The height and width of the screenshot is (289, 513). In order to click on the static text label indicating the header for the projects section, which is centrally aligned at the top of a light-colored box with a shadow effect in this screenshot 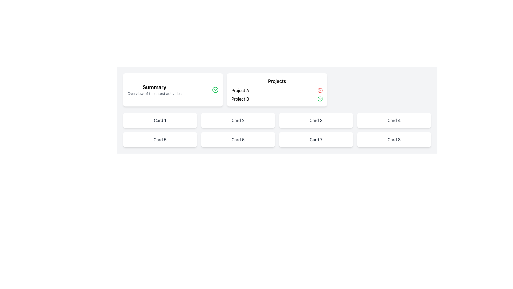, I will do `click(277, 81)`.